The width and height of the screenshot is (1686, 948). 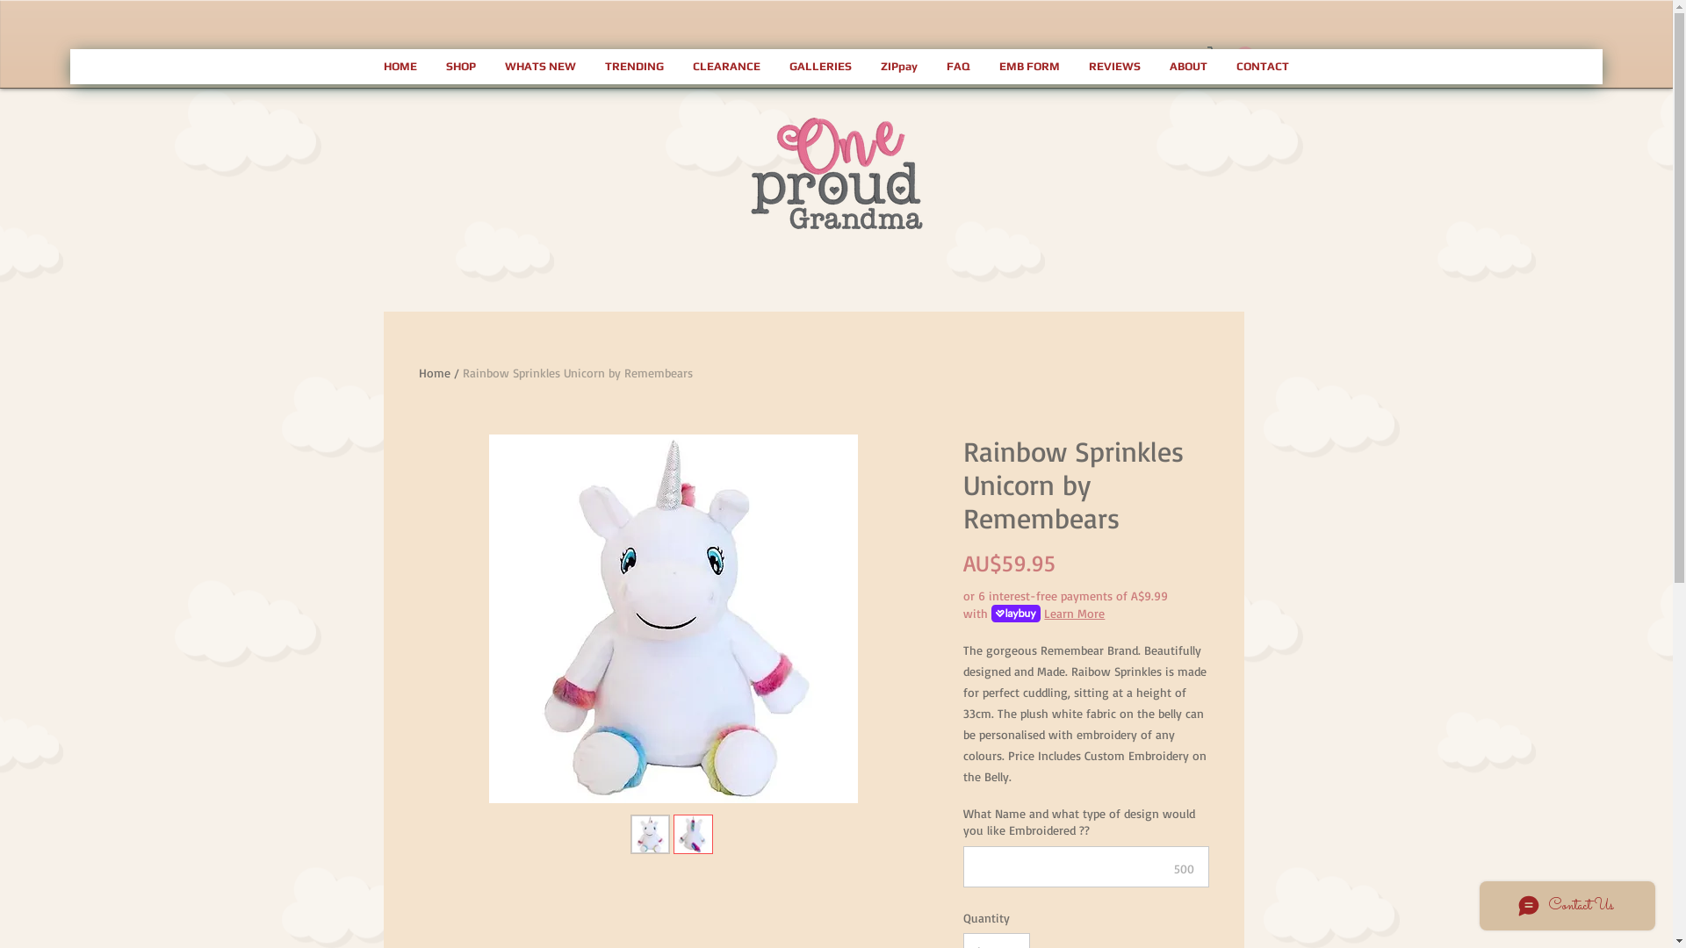 I want to click on 'WHATS NEW', so click(x=489, y=66).